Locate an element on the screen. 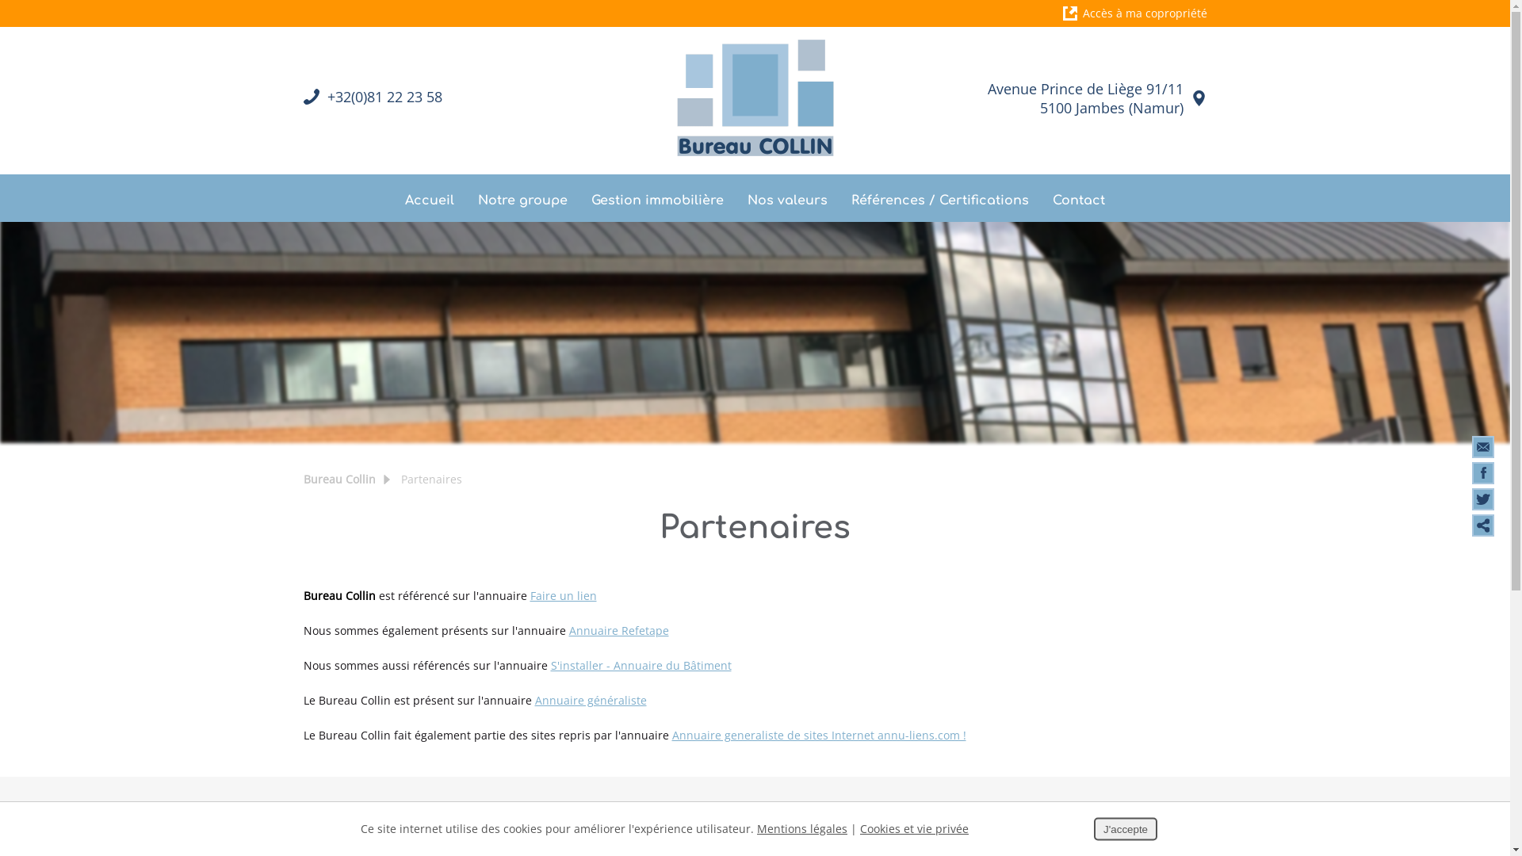  'Notre groupe' is located at coordinates (522, 197).